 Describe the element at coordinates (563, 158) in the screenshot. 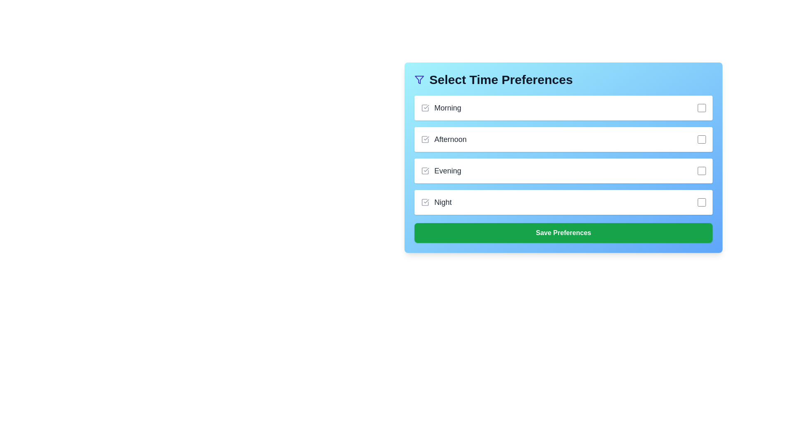

I see `the checkbox` at that location.